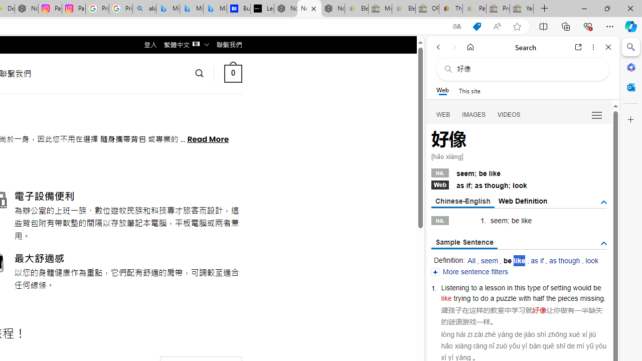 The image size is (642, 361). What do you see at coordinates (476, 26) in the screenshot?
I see `'This site has coupons! Shopping in Microsoft Edge'` at bounding box center [476, 26].